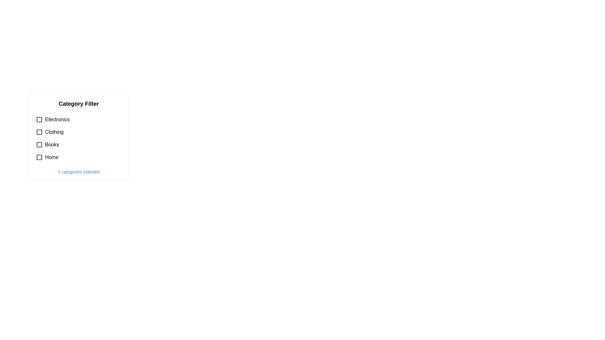 The height and width of the screenshot is (340, 605). Describe the element at coordinates (39, 132) in the screenshot. I see `the Checkbox Icon located within the 'Clothing' category selection interface` at that location.